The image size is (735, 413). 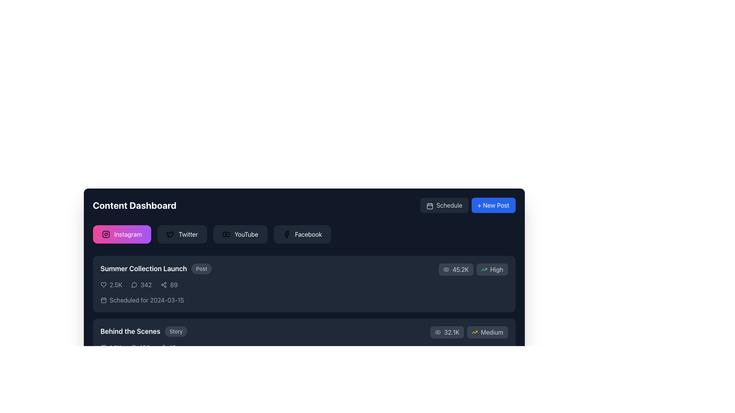 What do you see at coordinates (170, 234) in the screenshot?
I see `the Twitter icon, which is a bird silhouette outlined in white against a dark background, located in the top section of the interface` at bounding box center [170, 234].